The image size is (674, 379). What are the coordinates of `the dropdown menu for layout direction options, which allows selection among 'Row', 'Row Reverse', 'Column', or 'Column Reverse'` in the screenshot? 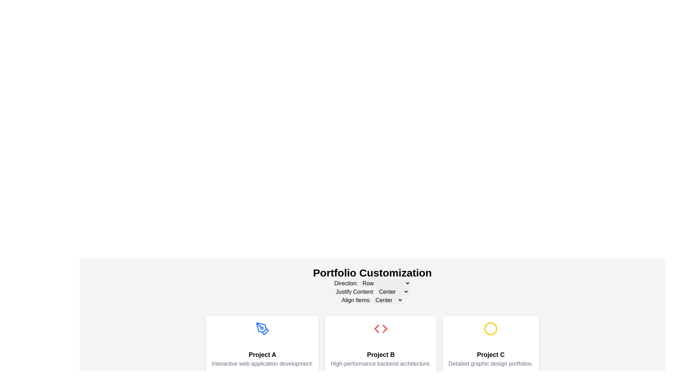 It's located at (385, 283).